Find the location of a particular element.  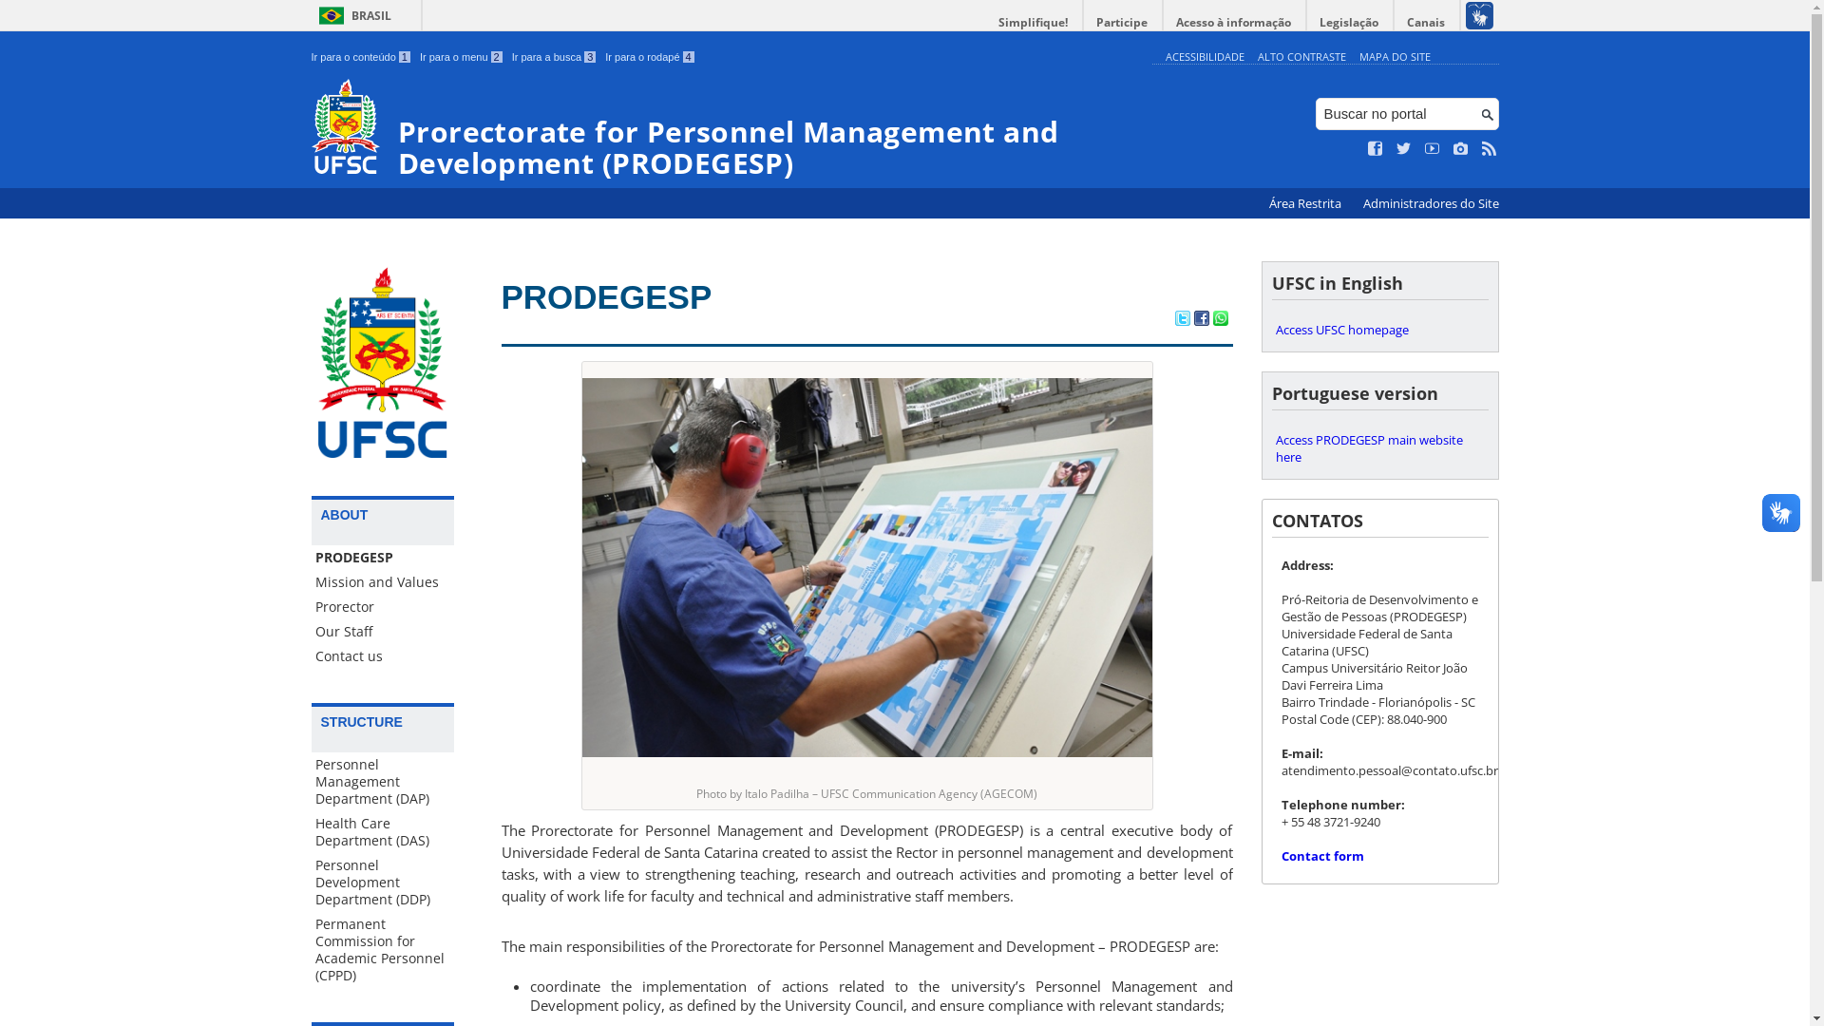

'ALTO CONTRASTE' is located at coordinates (1301, 55).